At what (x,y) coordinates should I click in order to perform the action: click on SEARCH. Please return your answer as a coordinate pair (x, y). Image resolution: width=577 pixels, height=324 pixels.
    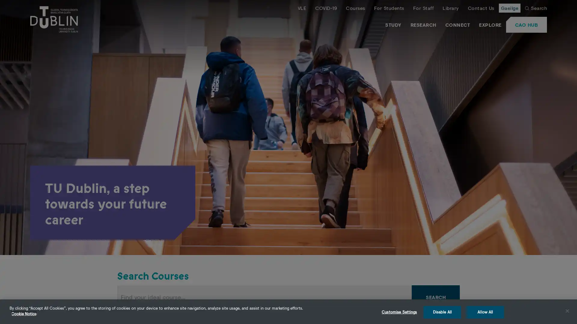
    Looking at the image, I should click on (435, 297).